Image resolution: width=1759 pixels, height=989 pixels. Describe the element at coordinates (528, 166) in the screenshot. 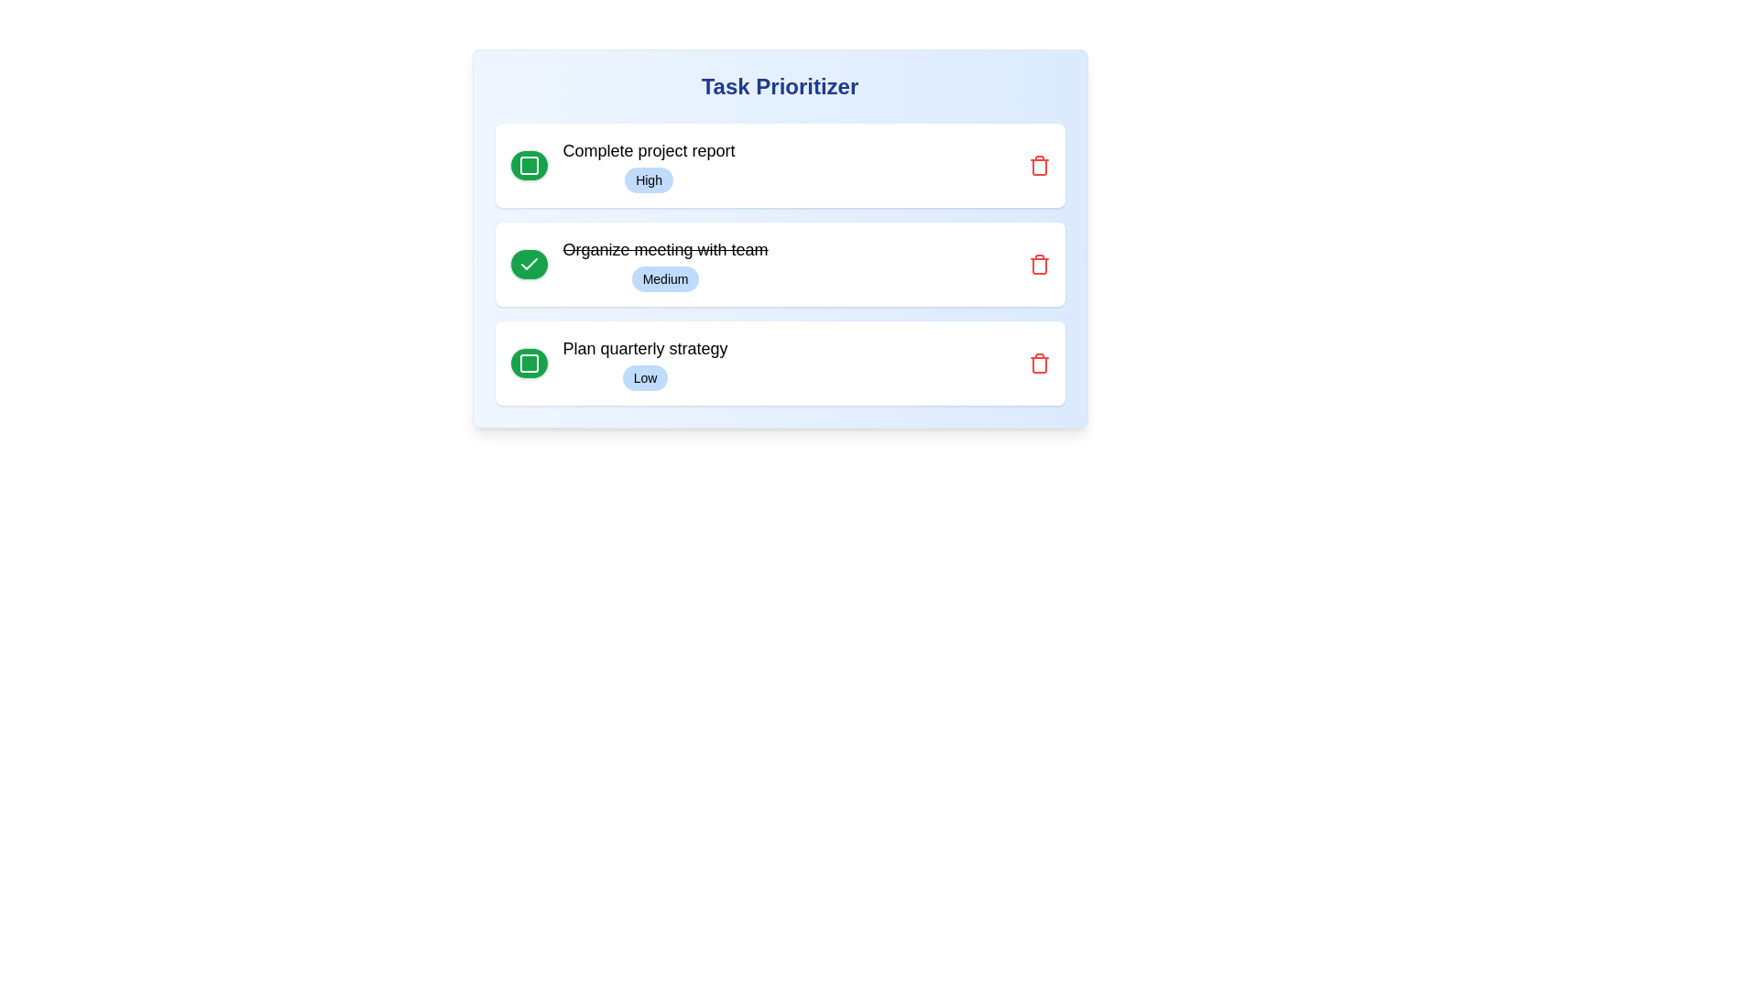

I see `the hollow square icon with a green stroke, located to the left of the 'Complete project report' task in the task list interface` at that location.